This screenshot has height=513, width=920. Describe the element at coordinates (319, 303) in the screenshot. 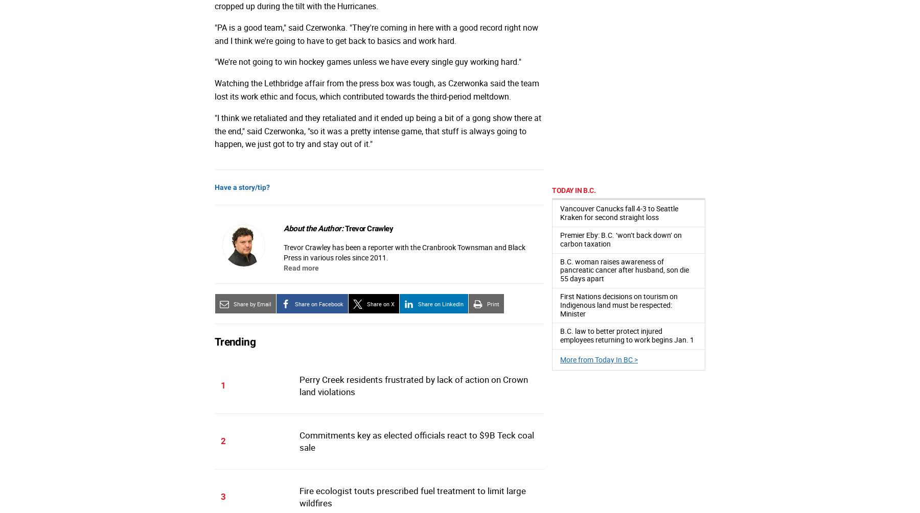

I see `'Share on Facebook'` at that location.